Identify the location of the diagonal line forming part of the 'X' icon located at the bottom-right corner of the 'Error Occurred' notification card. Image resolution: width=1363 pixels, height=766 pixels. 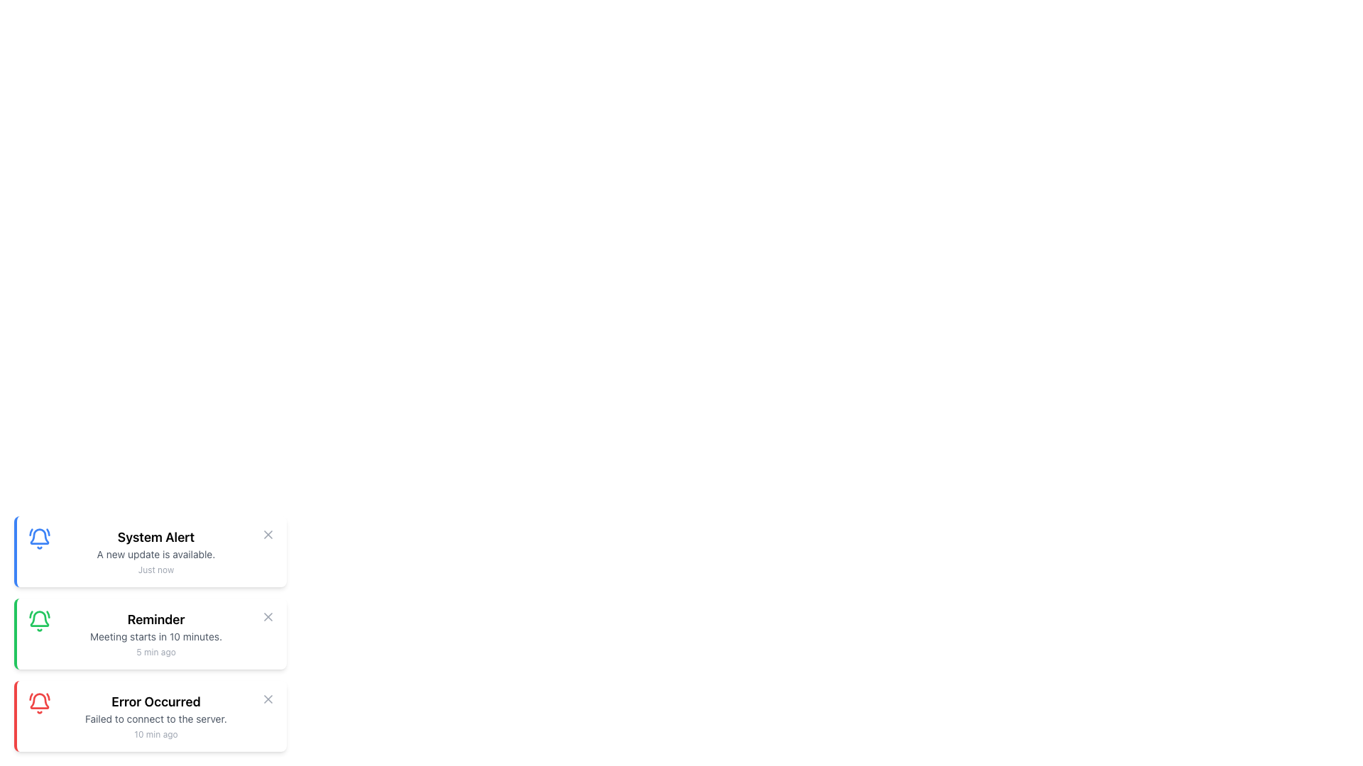
(268, 699).